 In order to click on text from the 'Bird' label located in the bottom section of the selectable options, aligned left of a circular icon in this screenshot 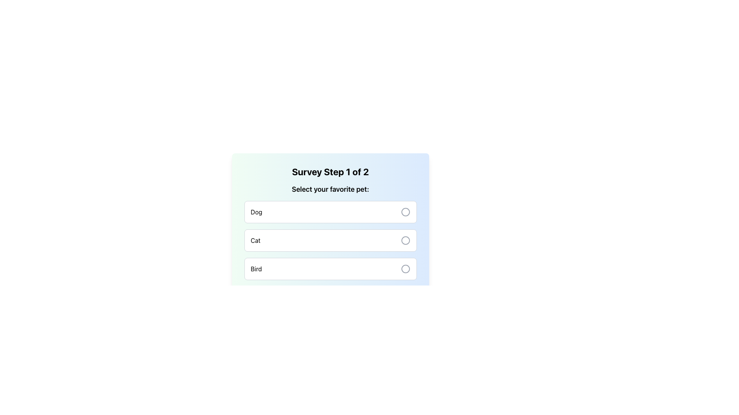, I will do `click(256, 268)`.